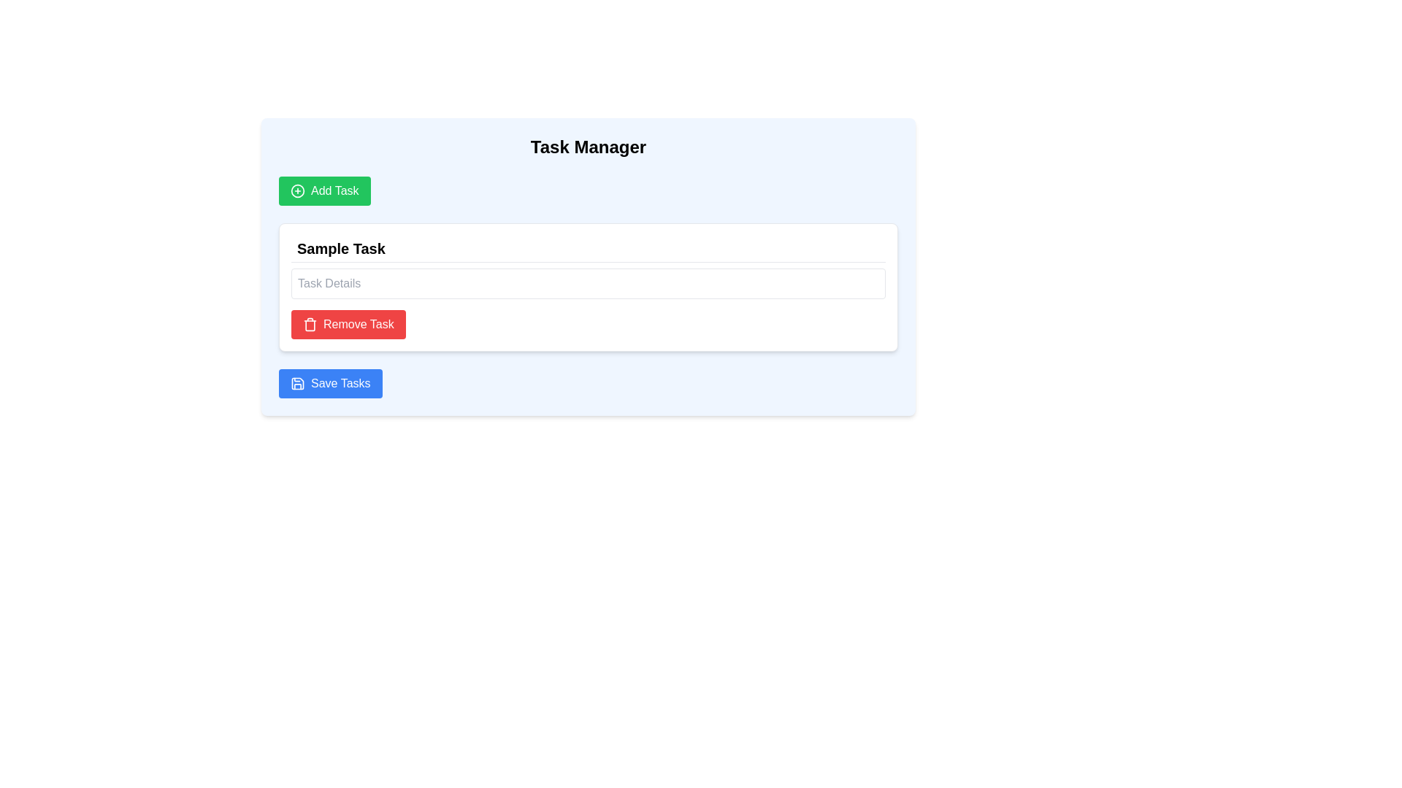 The width and height of the screenshot is (1402, 788). I want to click on the trash can icon located to the left side of the 'Remove Task' button, positioned below the 'Task Details' input box, so click(310, 323).